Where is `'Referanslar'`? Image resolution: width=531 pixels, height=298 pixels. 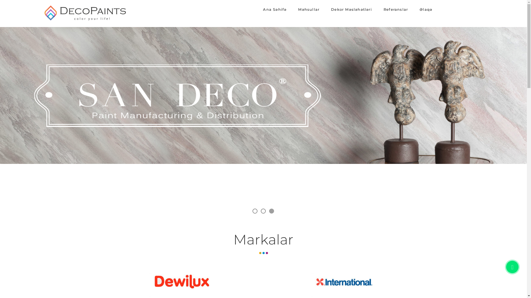
'Referanslar' is located at coordinates (378, 9).